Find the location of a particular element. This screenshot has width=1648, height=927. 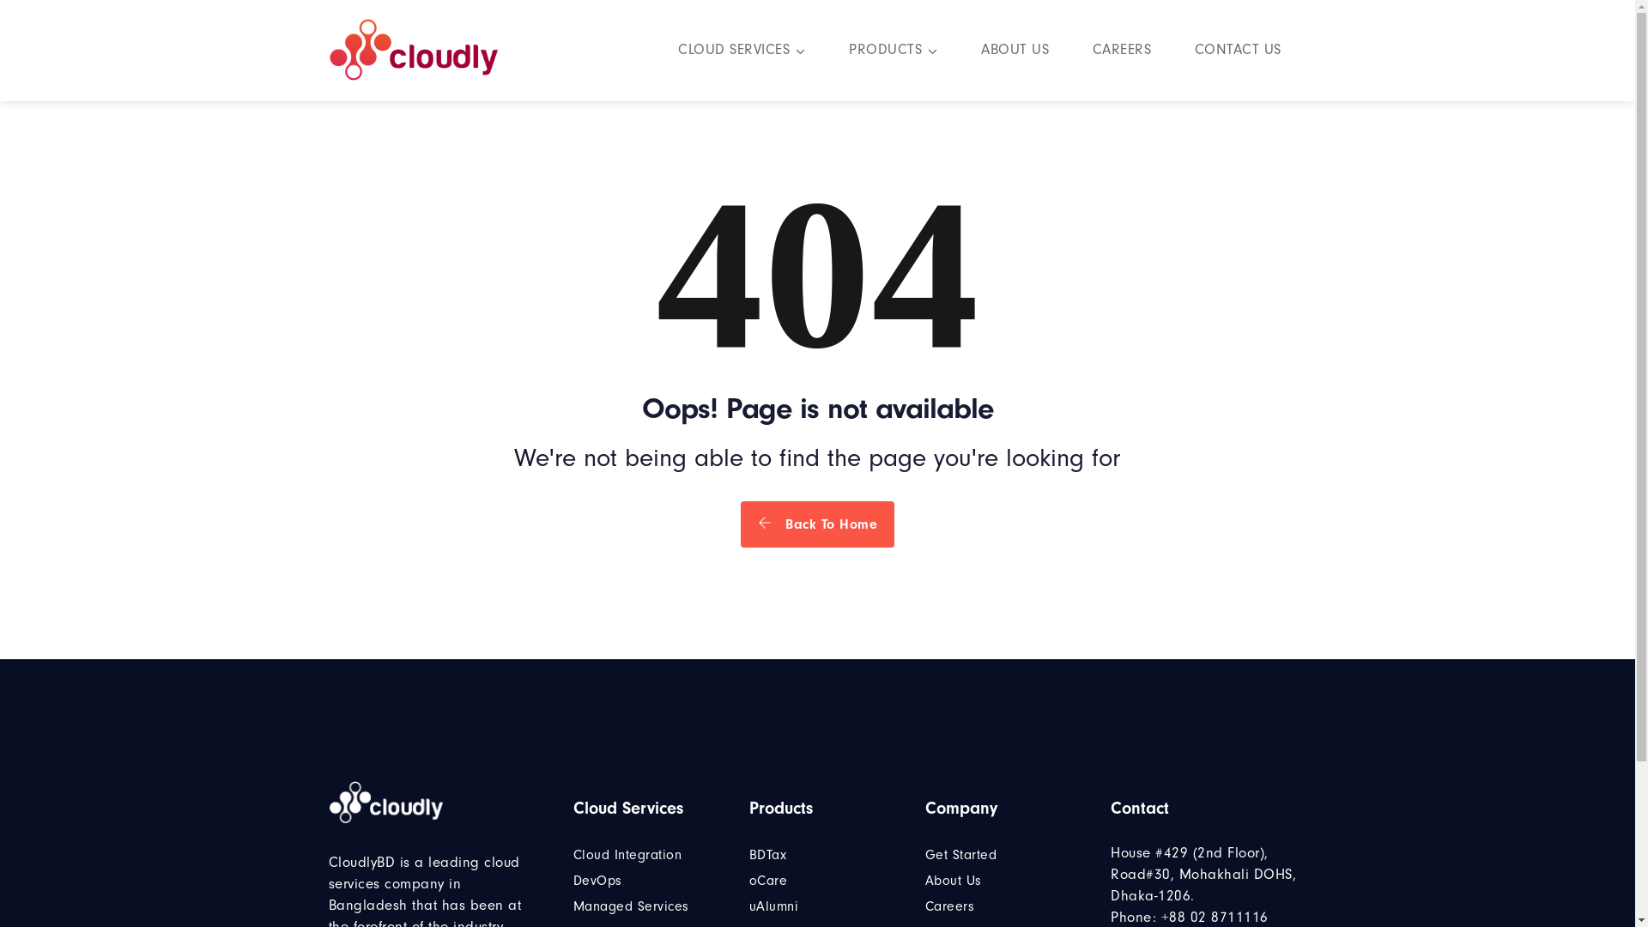

'BDTax' is located at coordinates (749, 854).